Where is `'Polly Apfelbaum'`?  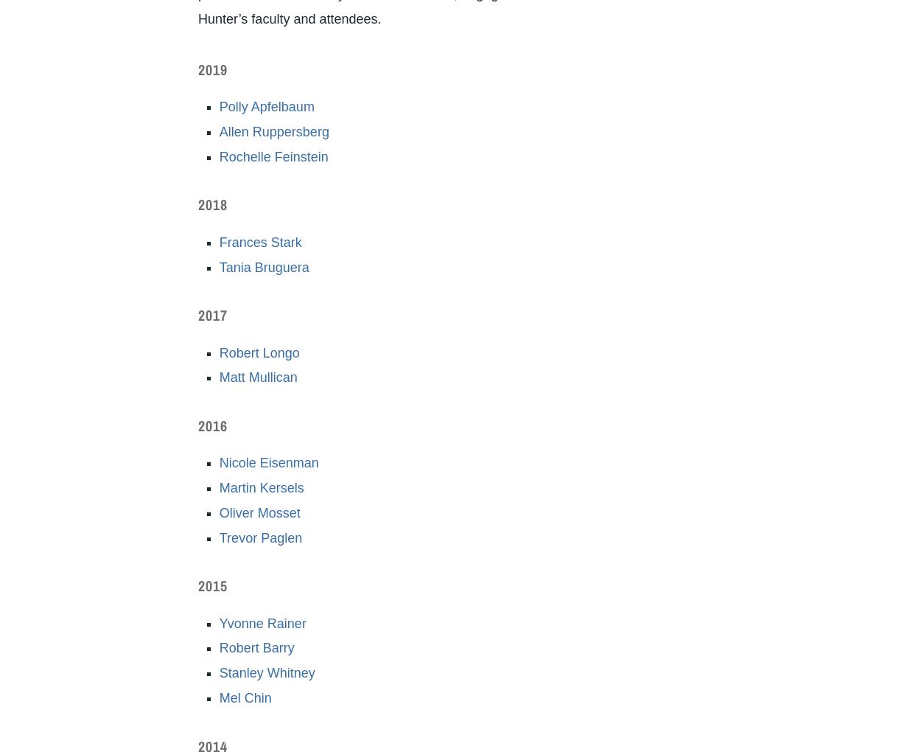
'Polly Apfelbaum' is located at coordinates (265, 107).